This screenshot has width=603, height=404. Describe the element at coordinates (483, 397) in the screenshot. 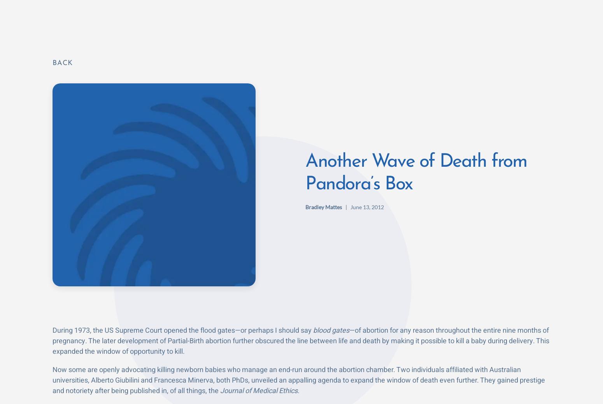

I see `'October 19, 2023'` at that location.